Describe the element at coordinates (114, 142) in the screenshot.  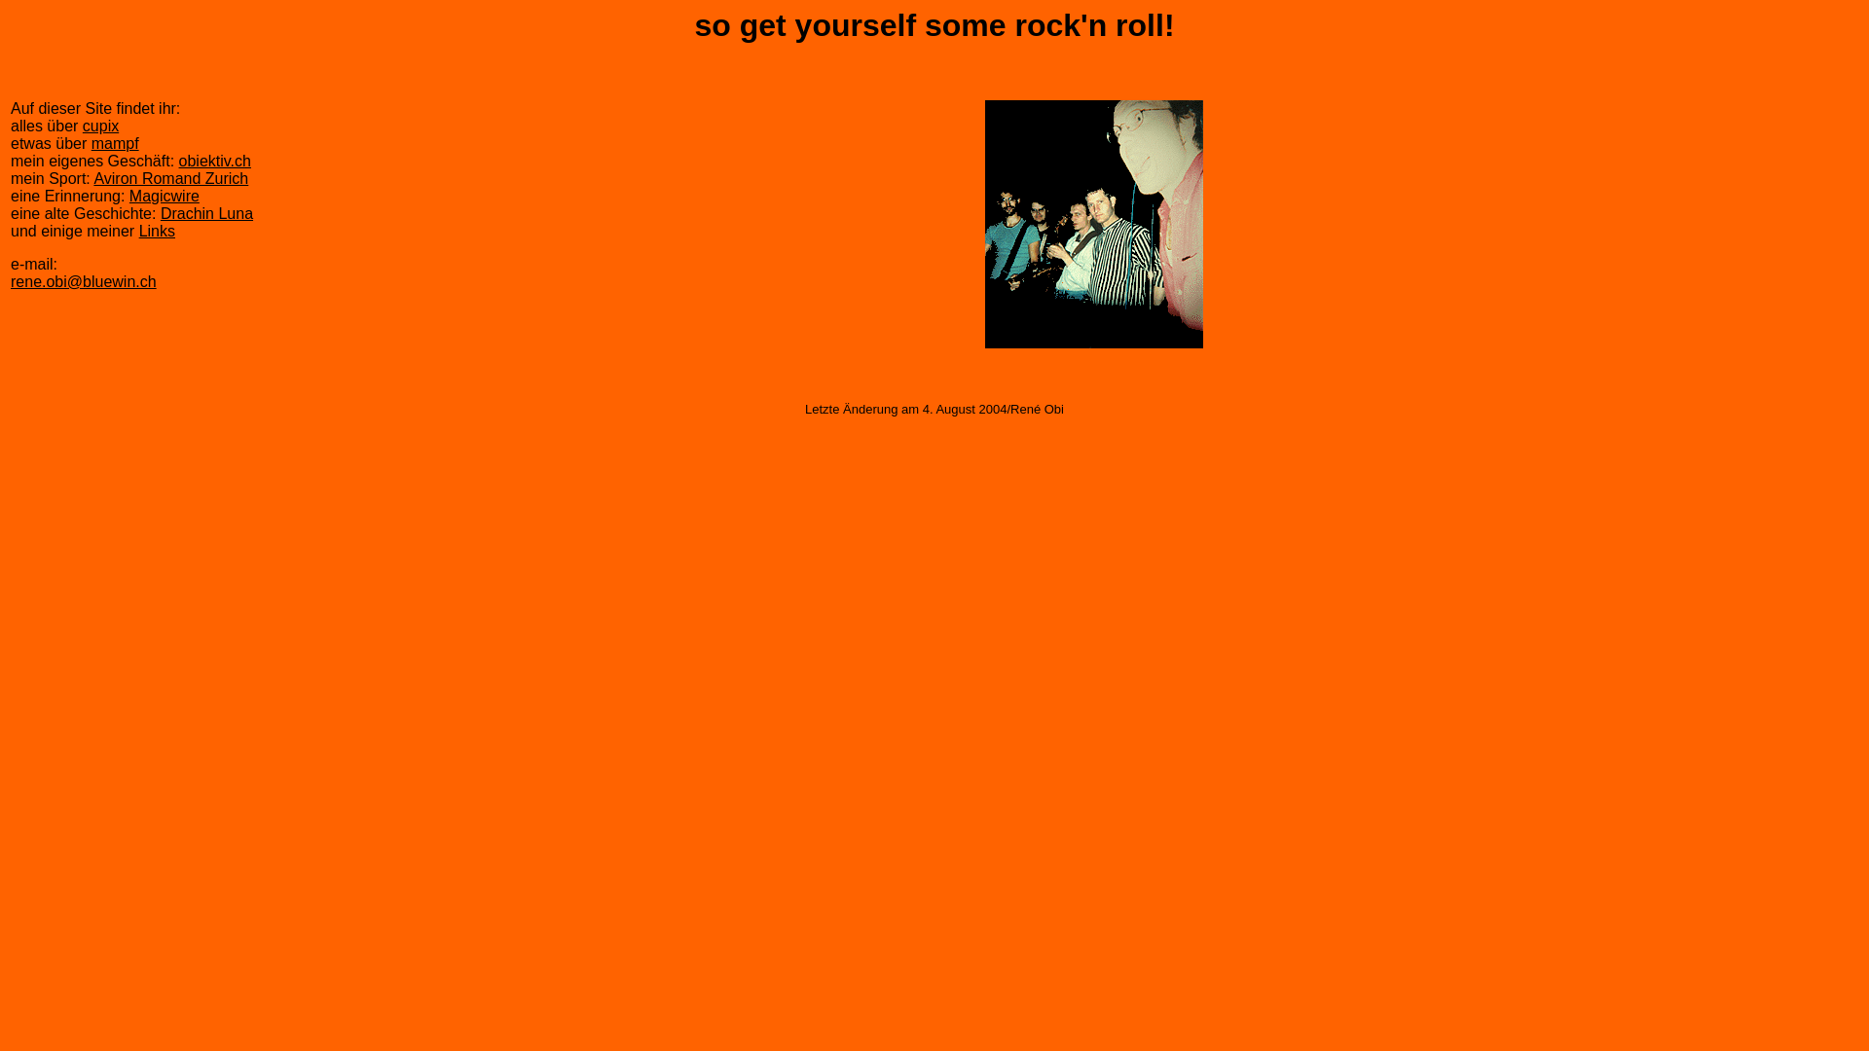
I see `'mampf'` at that location.